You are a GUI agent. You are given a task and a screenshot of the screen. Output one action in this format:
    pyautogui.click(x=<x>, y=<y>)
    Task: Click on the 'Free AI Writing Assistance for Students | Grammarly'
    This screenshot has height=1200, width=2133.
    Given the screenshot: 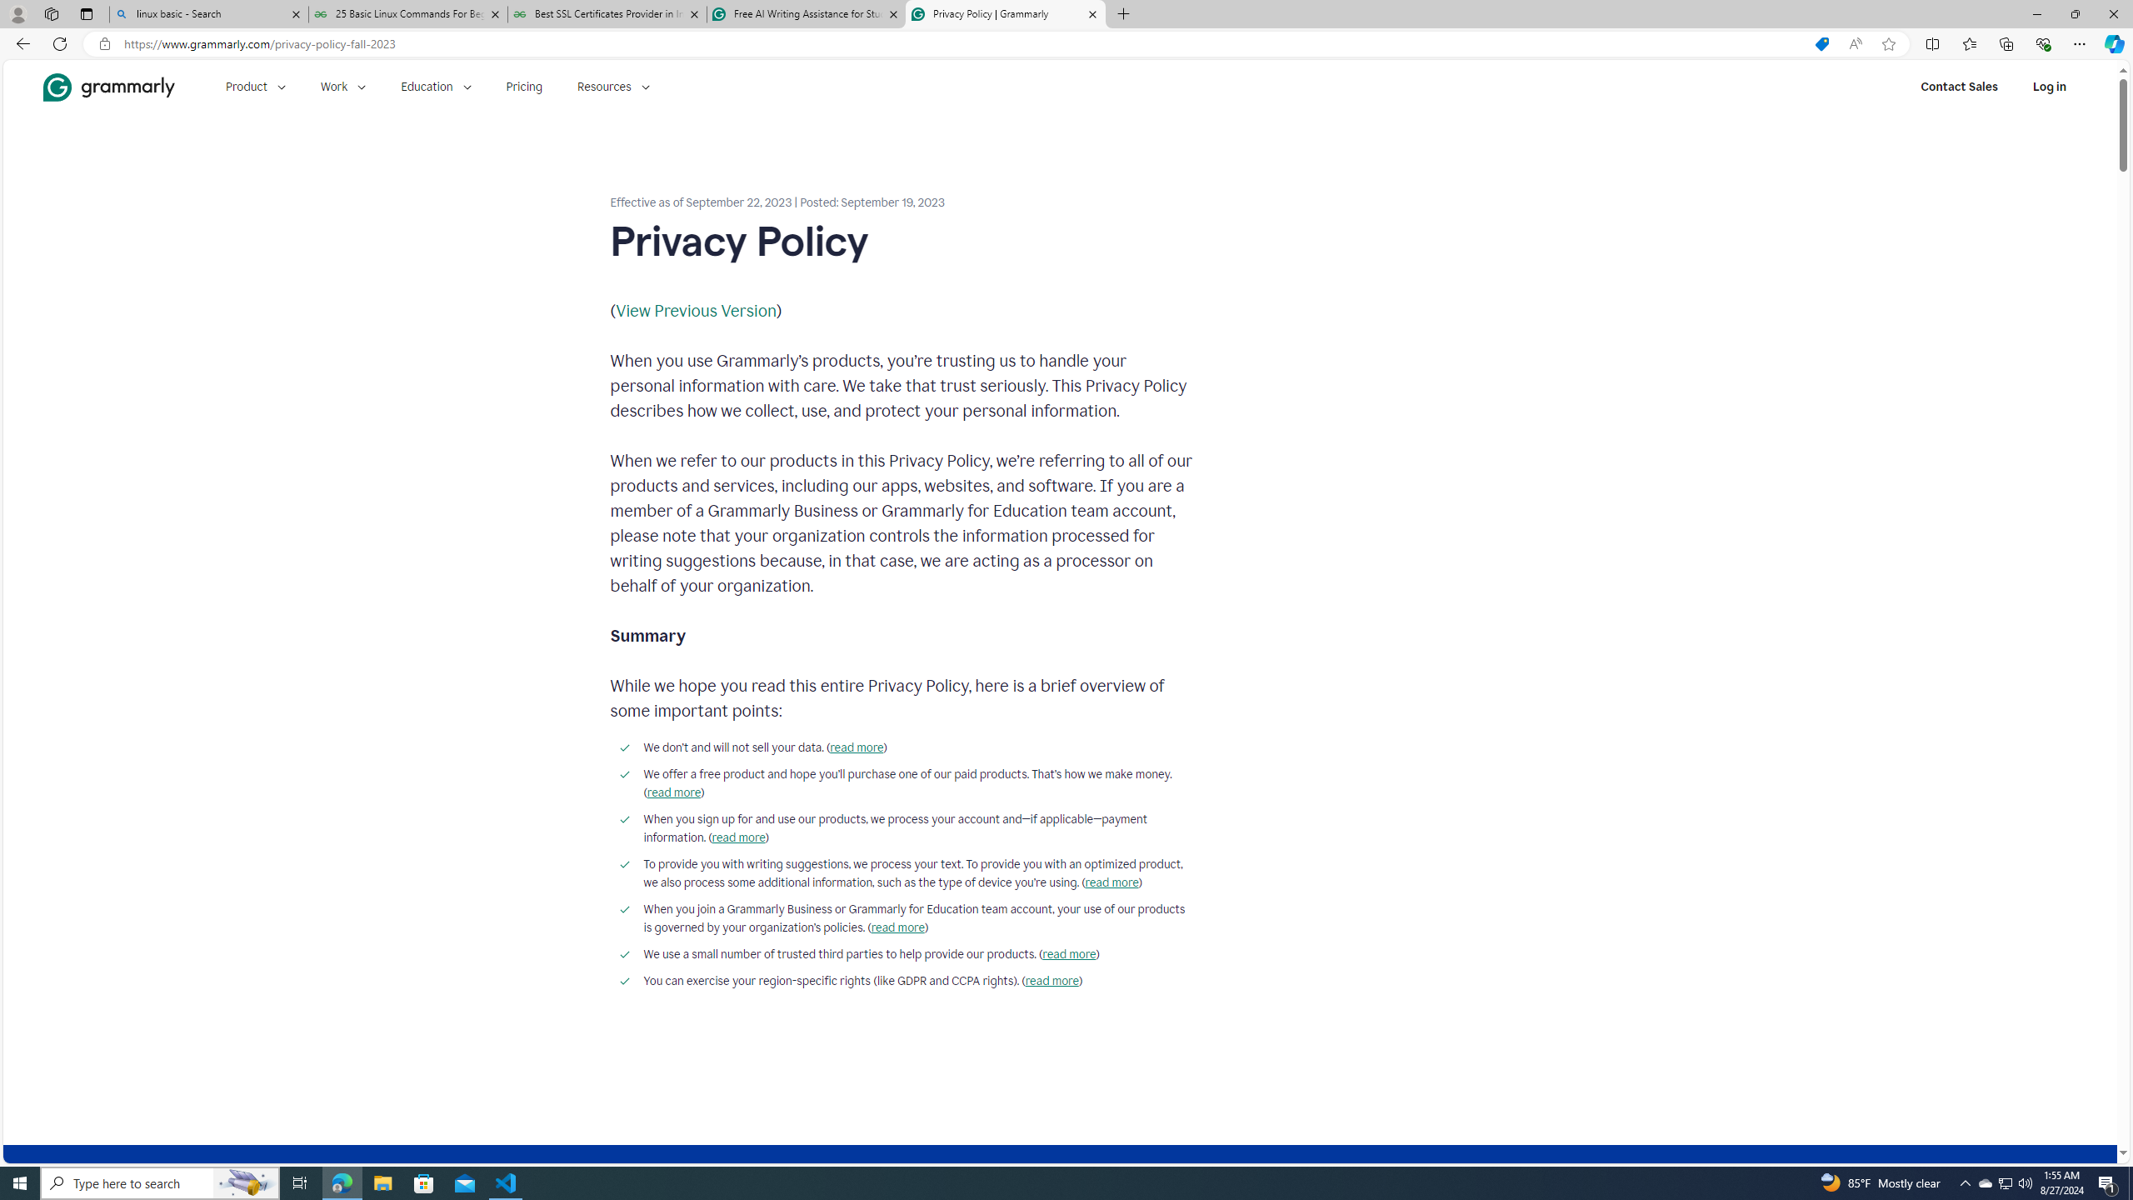 What is the action you would take?
    pyautogui.click(x=805, y=13)
    